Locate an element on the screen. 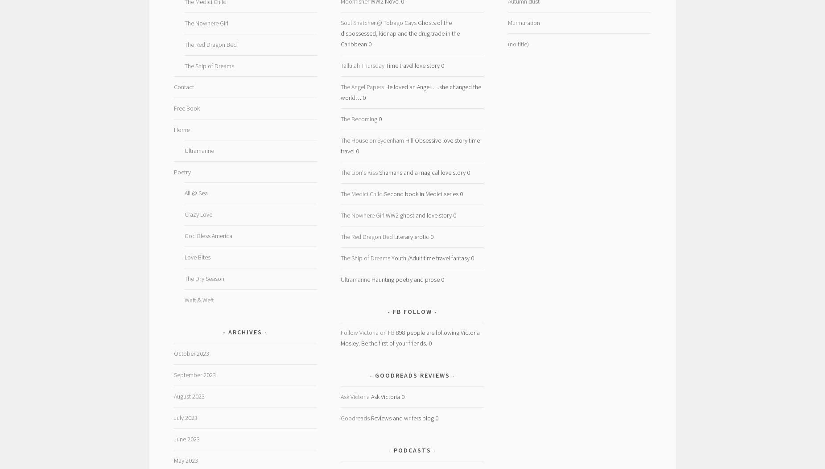  'The Becoming' is located at coordinates (359, 119).